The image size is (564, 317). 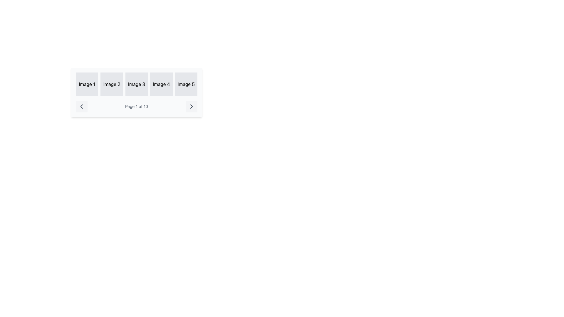 I want to click on the Pagination control that displays 'Page 1 of 10' with navigational arrows on both sides, located at the bottom of the image grid section, so click(x=136, y=106).